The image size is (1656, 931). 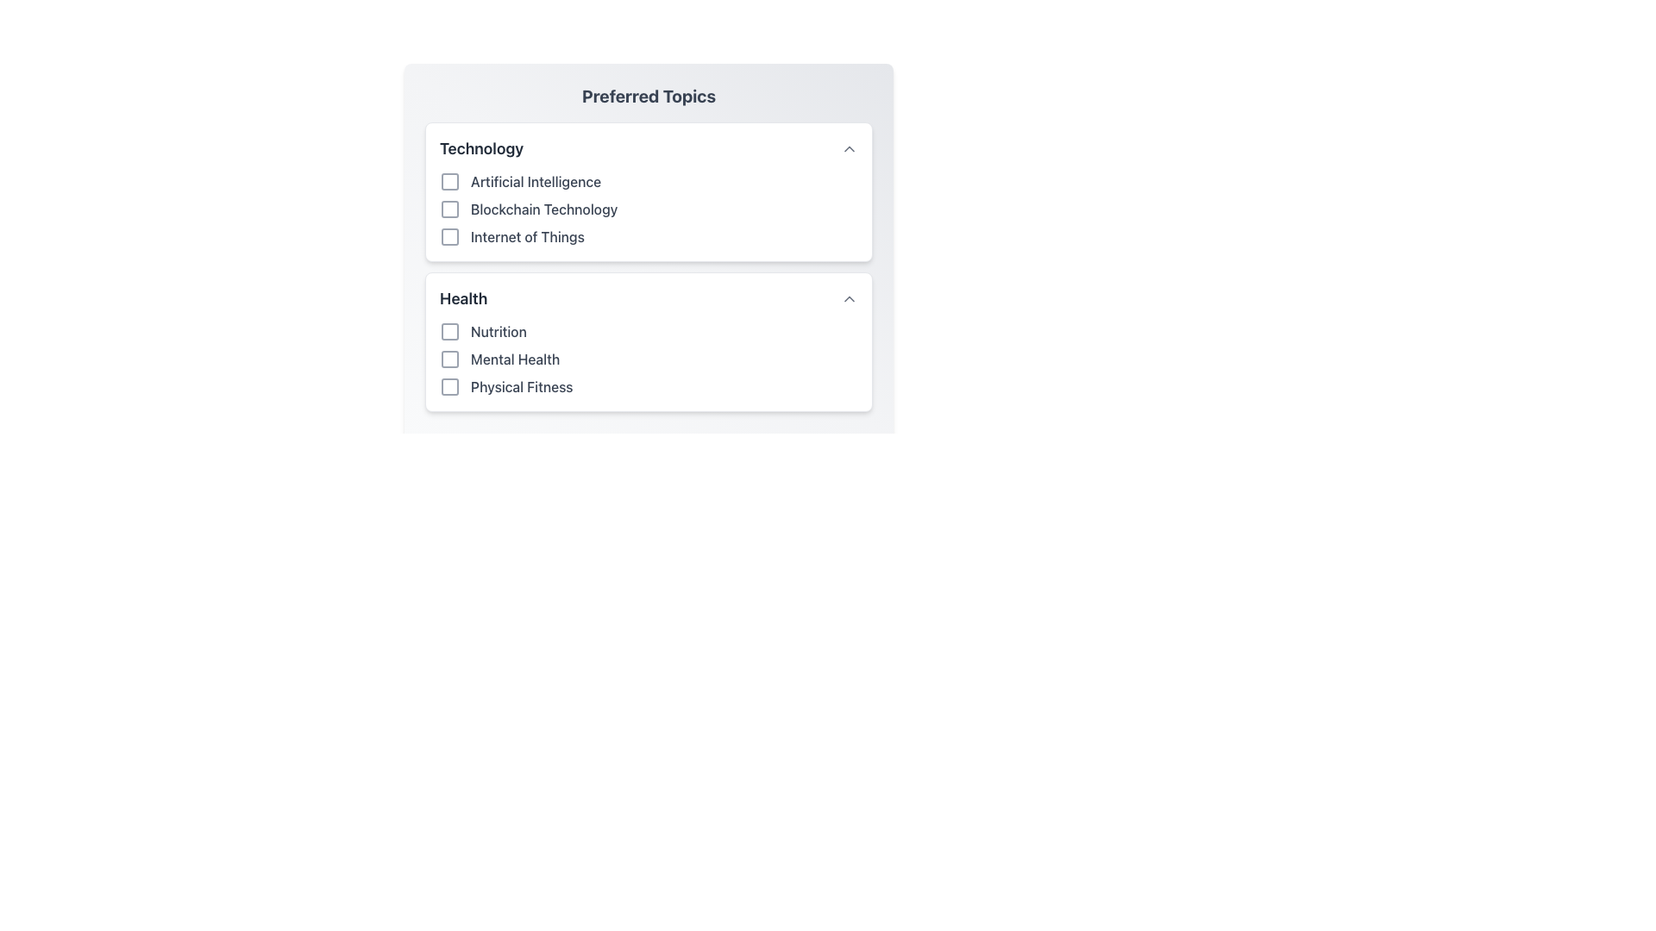 I want to click on the checkbox for the 'Nutrition' topic in the 'Health' section, so click(x=450, y=332).